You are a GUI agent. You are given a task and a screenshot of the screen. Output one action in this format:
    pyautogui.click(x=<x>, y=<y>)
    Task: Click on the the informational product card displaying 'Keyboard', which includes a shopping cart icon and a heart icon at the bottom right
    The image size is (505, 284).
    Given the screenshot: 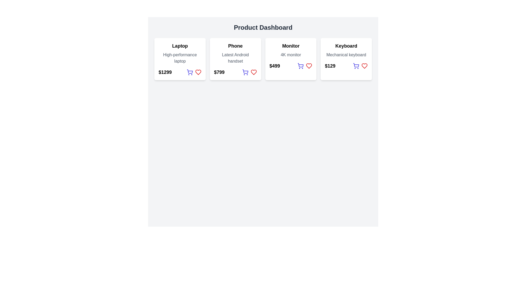 What is the action you would take?
    pyautogui.click(x=346, y=59)
    